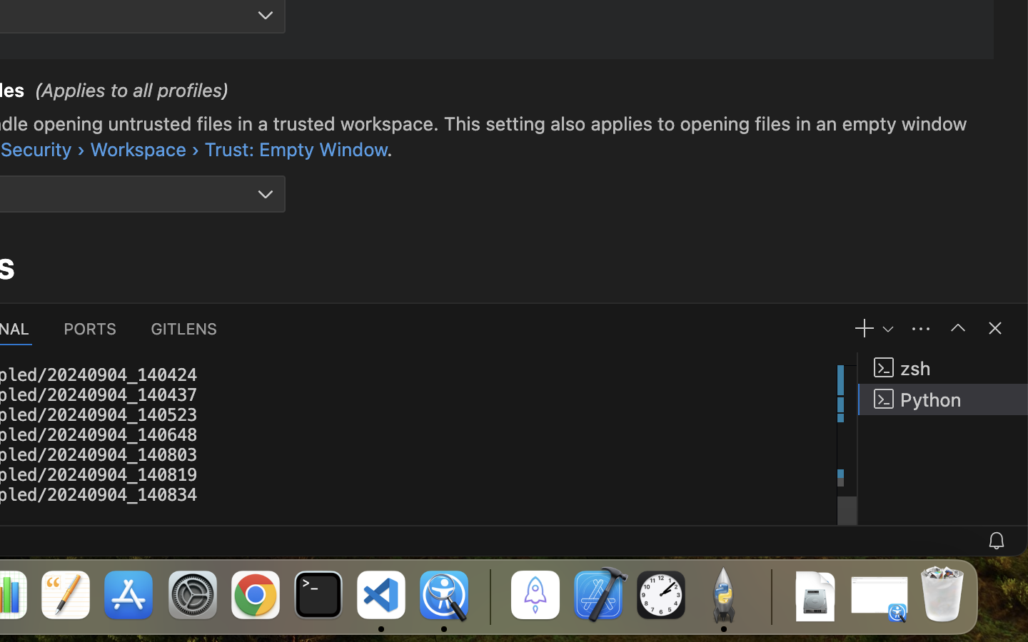 The image size is (1028, 642). Describe the element at coordinates (942, 398) in the screenshot. I see `'Python '` at that location.